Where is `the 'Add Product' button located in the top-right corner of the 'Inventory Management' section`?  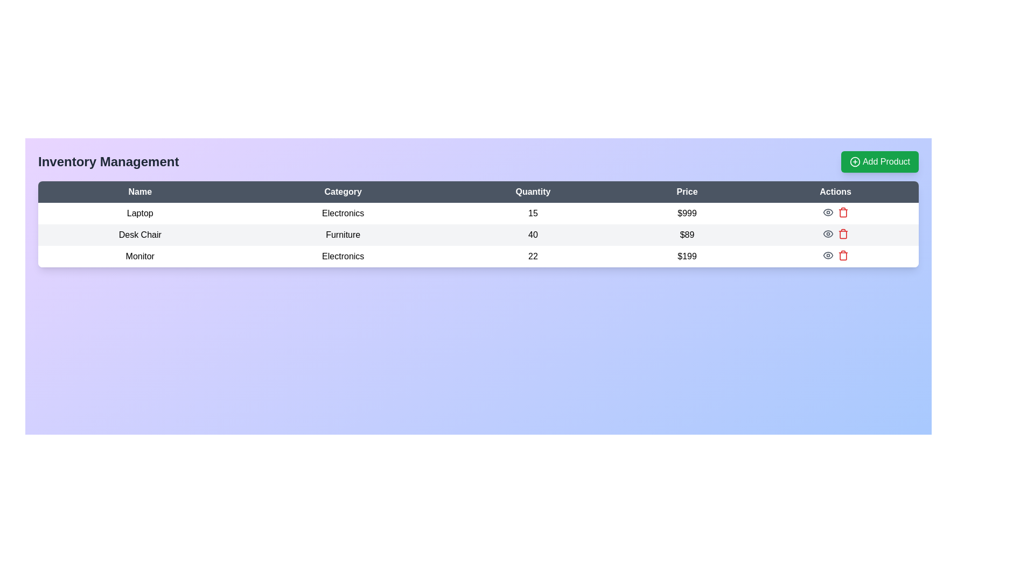
the 'Add Product' button located in the top-right corner of the 'Inventory Management' section is located at coordinates (879, 161).